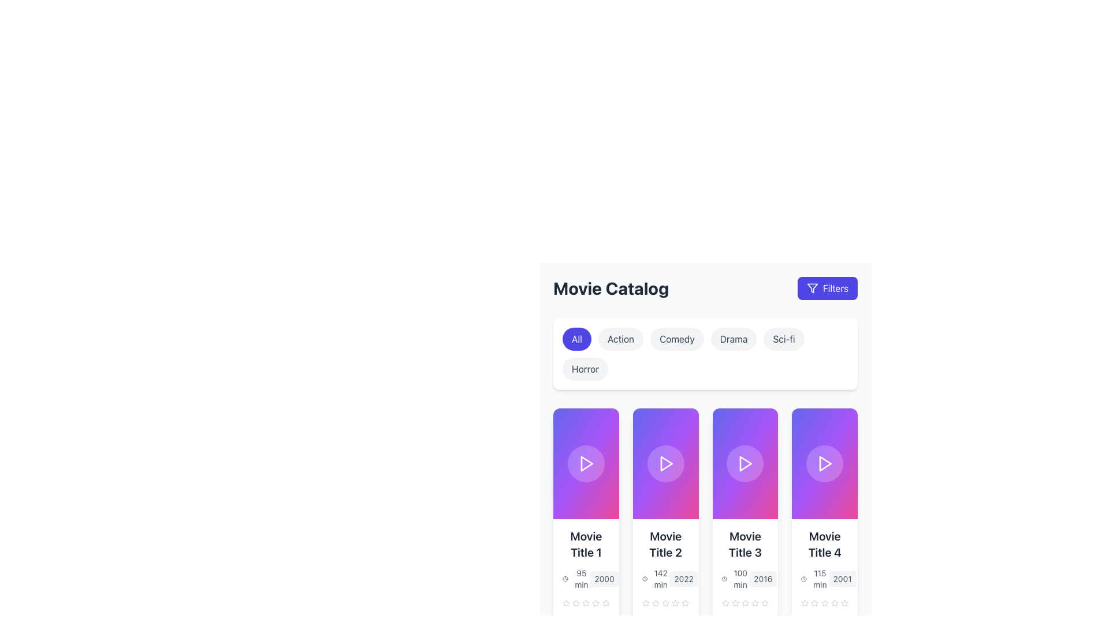 The image size is (1109, 623). What do you see at coordinates (566, 602) in the screenshot?
I see `the first star icon below 'Movie Title 1' to rate the movie` at bounding box center [566, 602].